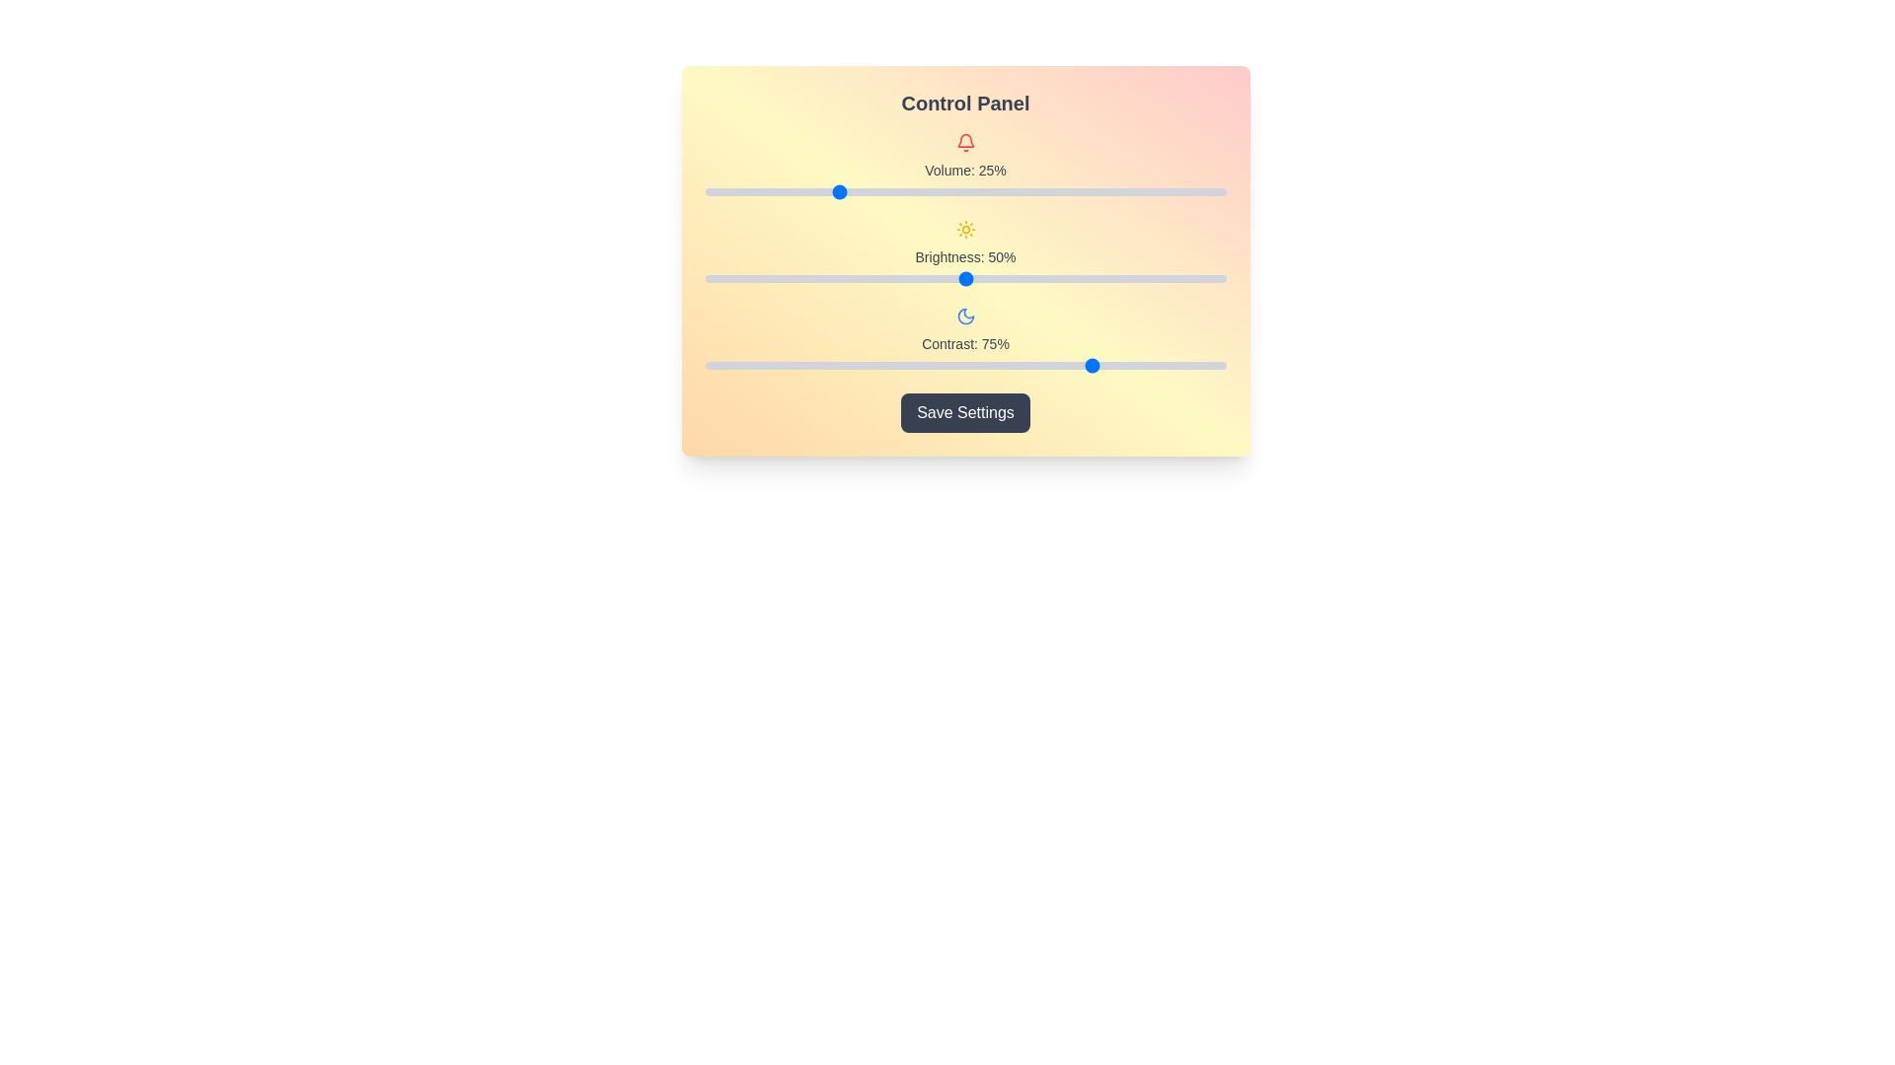 The height and width of the screenshot is (1065, 1895). What do you see at coordinates (991, 192) in the screenshot?
I see `the volume` at bounding box center [991, 192].